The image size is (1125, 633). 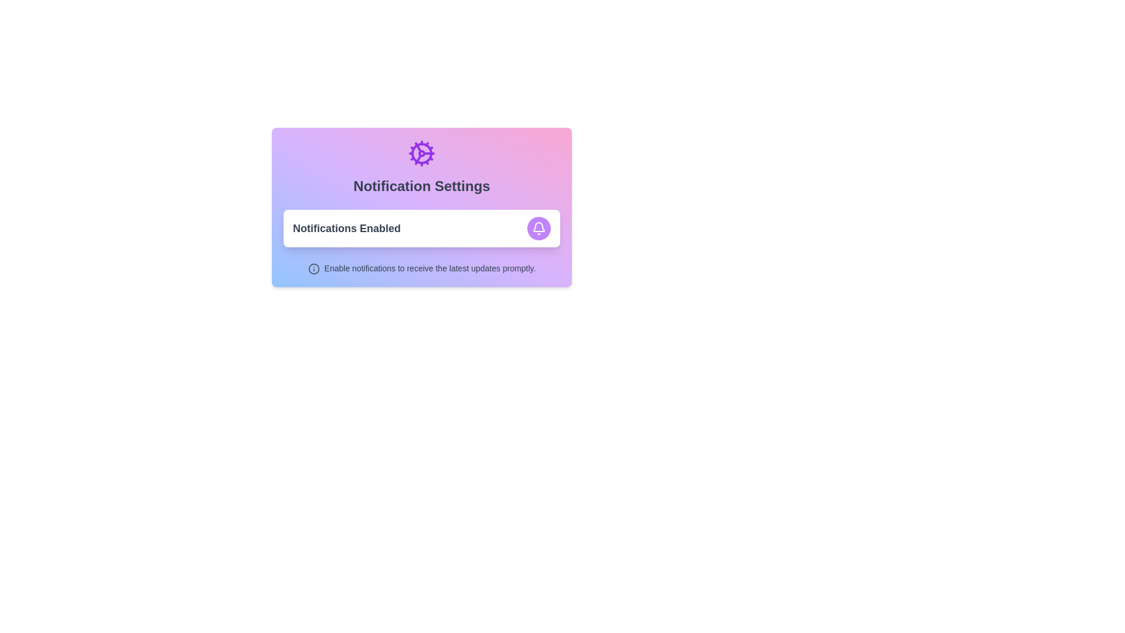 What do you see at coordinates (422, 268) in the screenshot?
I see `informational text about enabling notifications located beneath the 'Notifications Enabled' section in the 'Notification Settings' card` at bounding box center [422, 268].